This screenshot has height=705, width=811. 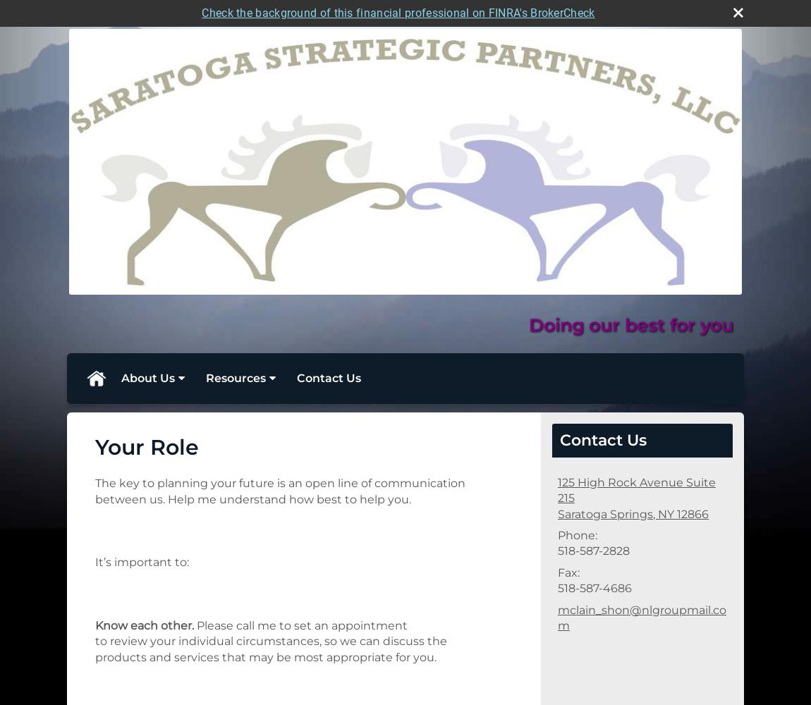 What do you see at coordinates (94, 483) in the screenshot?
I see `'The key to planning your future is an open line of communication'` at bounding box center [94, 483].